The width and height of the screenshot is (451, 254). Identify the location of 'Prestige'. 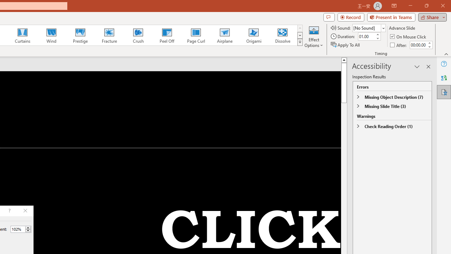
(80, 35).